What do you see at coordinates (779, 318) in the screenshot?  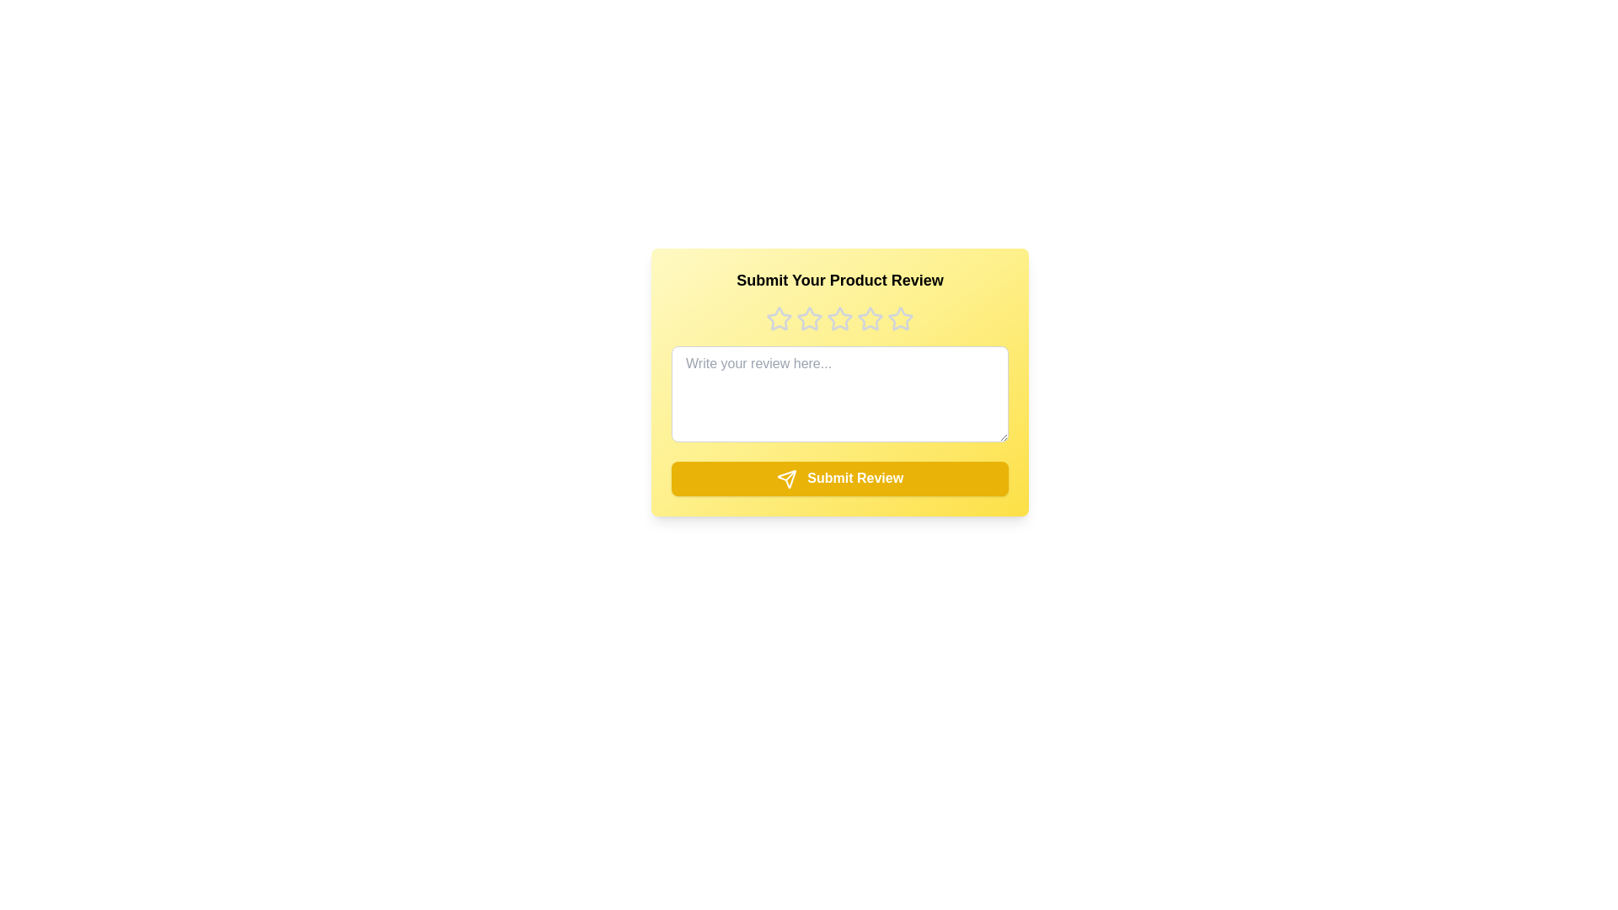 I see `the first star icon in the five-star rating system to indicate selection, located below the 'Submit Your Product Review' heading` at bounding box center [779, 318].